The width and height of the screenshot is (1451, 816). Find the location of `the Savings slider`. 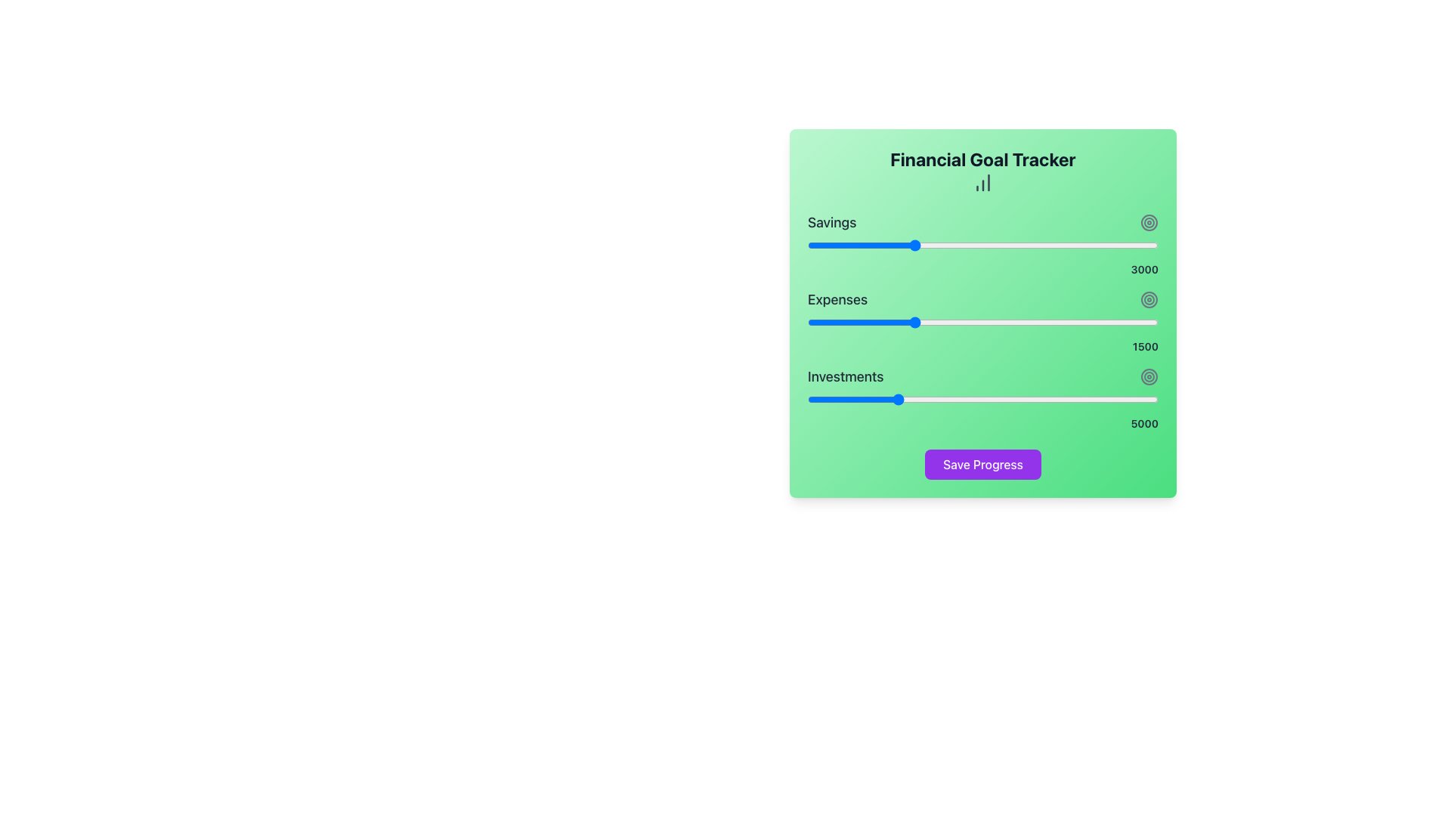

the Savings slider is located at coordinates (1044, 244).